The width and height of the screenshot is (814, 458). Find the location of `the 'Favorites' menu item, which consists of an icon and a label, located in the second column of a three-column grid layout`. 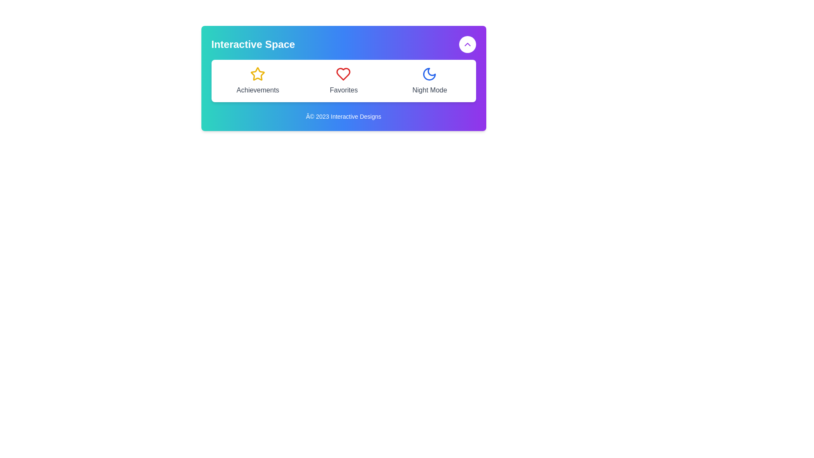

the 'Favorites' menu item, which consists of an icon and a label, located in the second column of a three-column grid layout is located at coordinates (343, 81).